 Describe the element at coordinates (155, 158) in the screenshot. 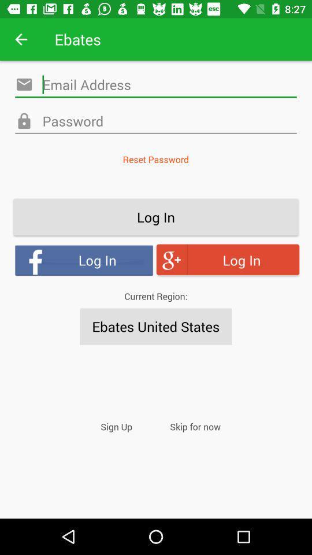

I see `icon above the log in` at that location.